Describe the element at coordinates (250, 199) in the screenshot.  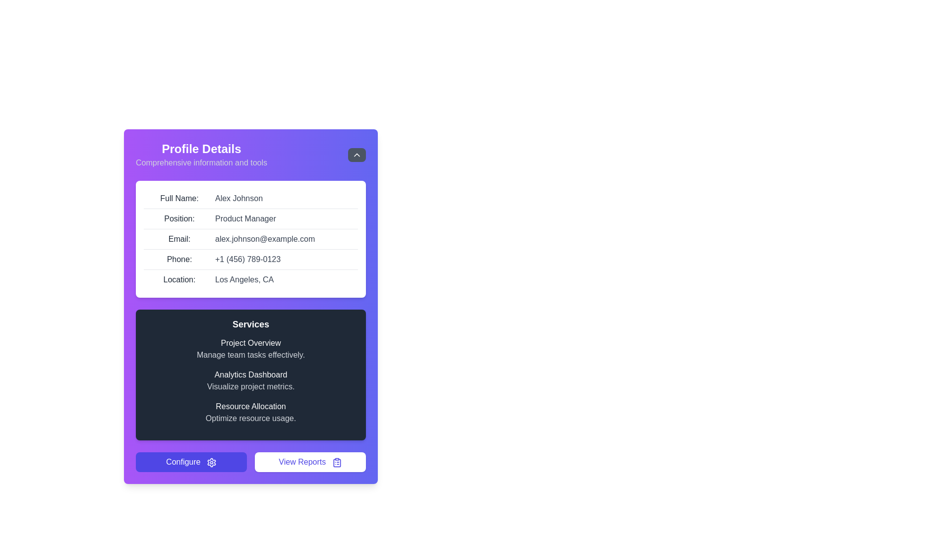
I see `the text display element showing 'Full Name: Alex Johnson'` at that location.